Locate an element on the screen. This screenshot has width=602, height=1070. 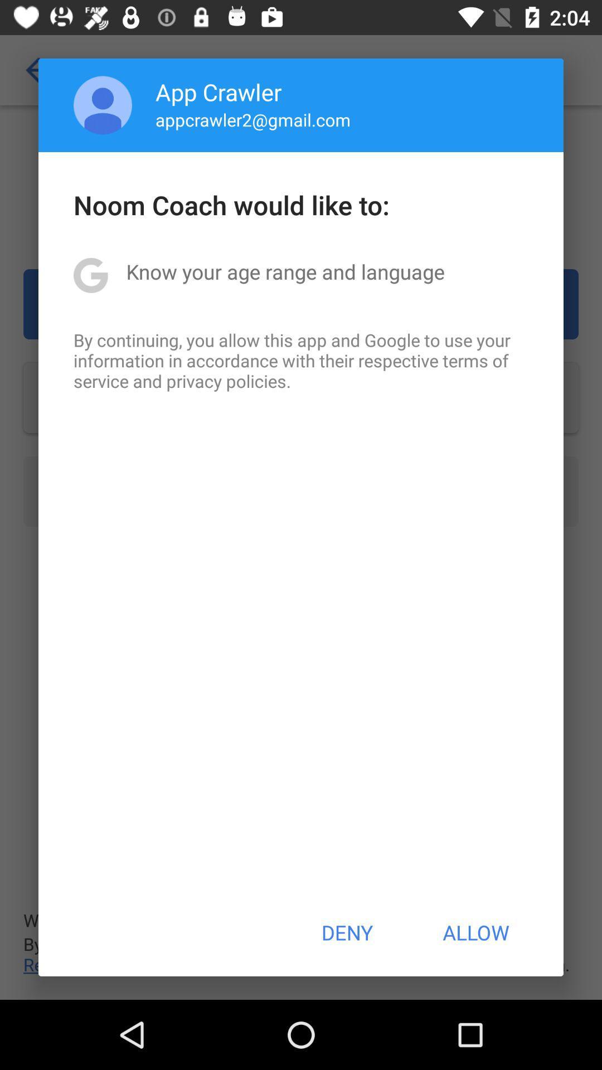
the app crawler is located at coordinates (219, 91).